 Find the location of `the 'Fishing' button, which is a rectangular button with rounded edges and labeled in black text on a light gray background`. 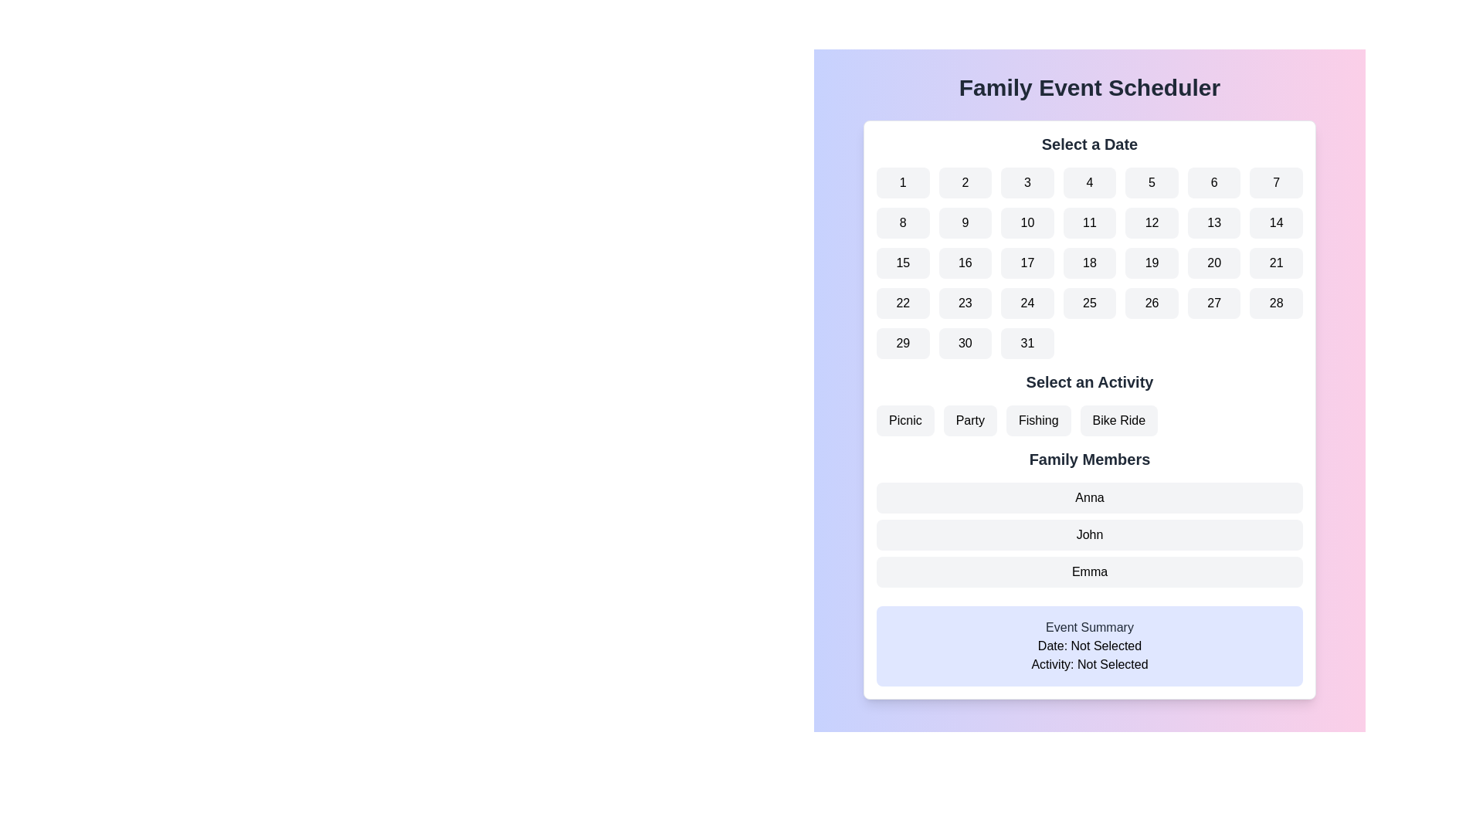

the 'Fishing' button, which is a rectangular button with rounded edges and labeled in black text on a light gray background is located at coordinates (1038, 420).